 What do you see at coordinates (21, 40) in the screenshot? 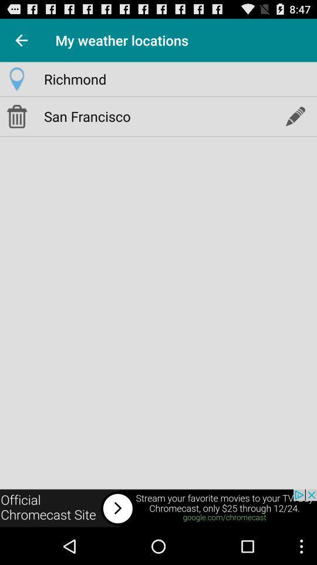
I see `previous page` at bounding box center [21, 40].